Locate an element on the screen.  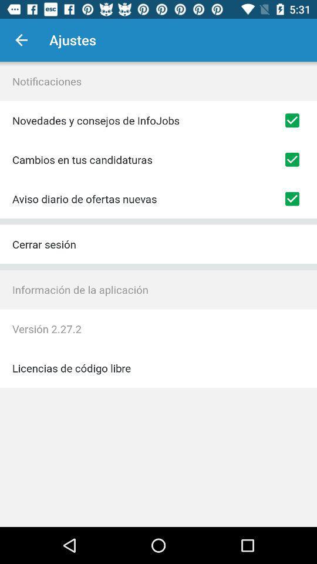
notification of new job offers is located at coordinates (291, 199).